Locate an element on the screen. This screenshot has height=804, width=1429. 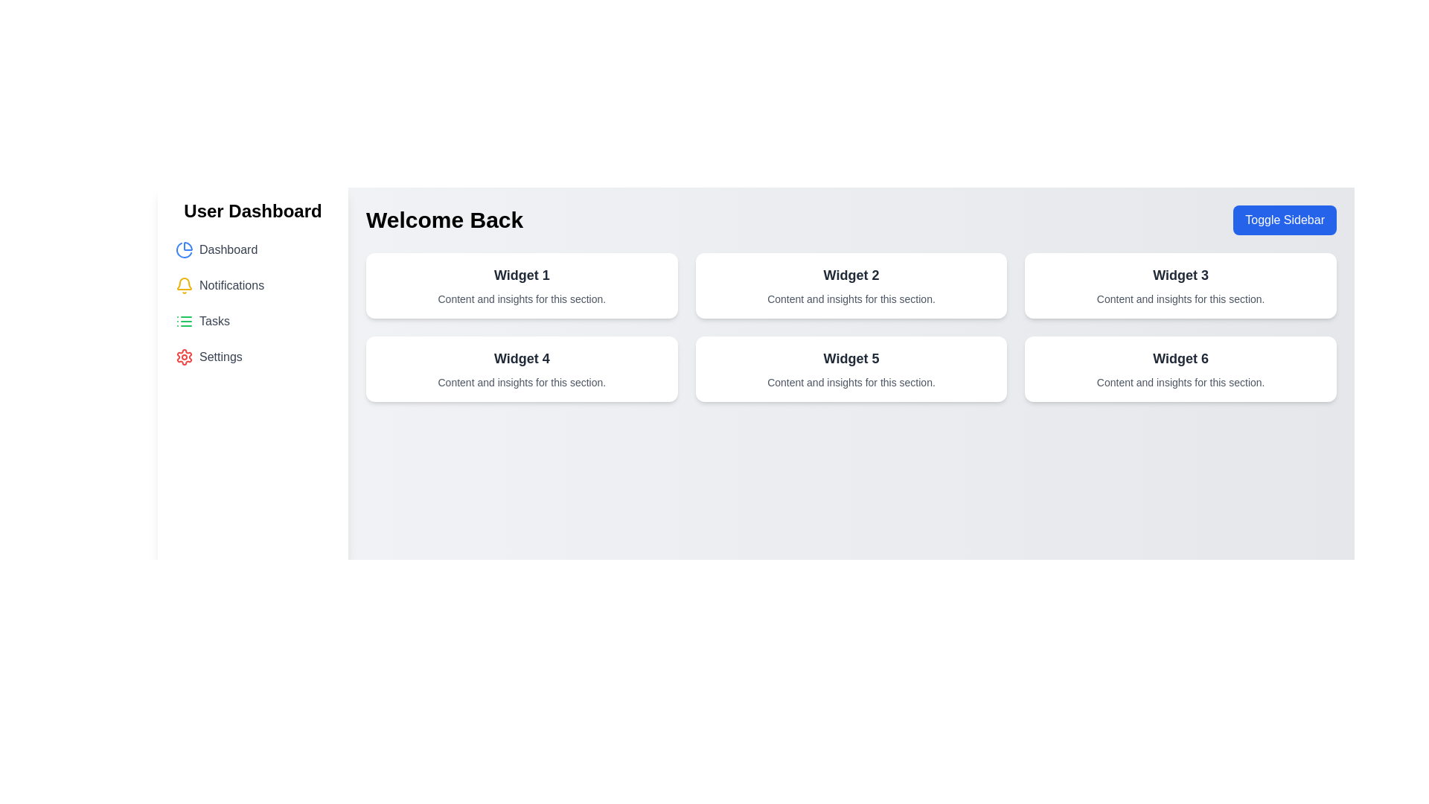
the 'Settings' menu item in the vertical navigation bar, which is the fourth entry under 'User Dashboard' and features a red gear icon is located at coordinates (253, 357).